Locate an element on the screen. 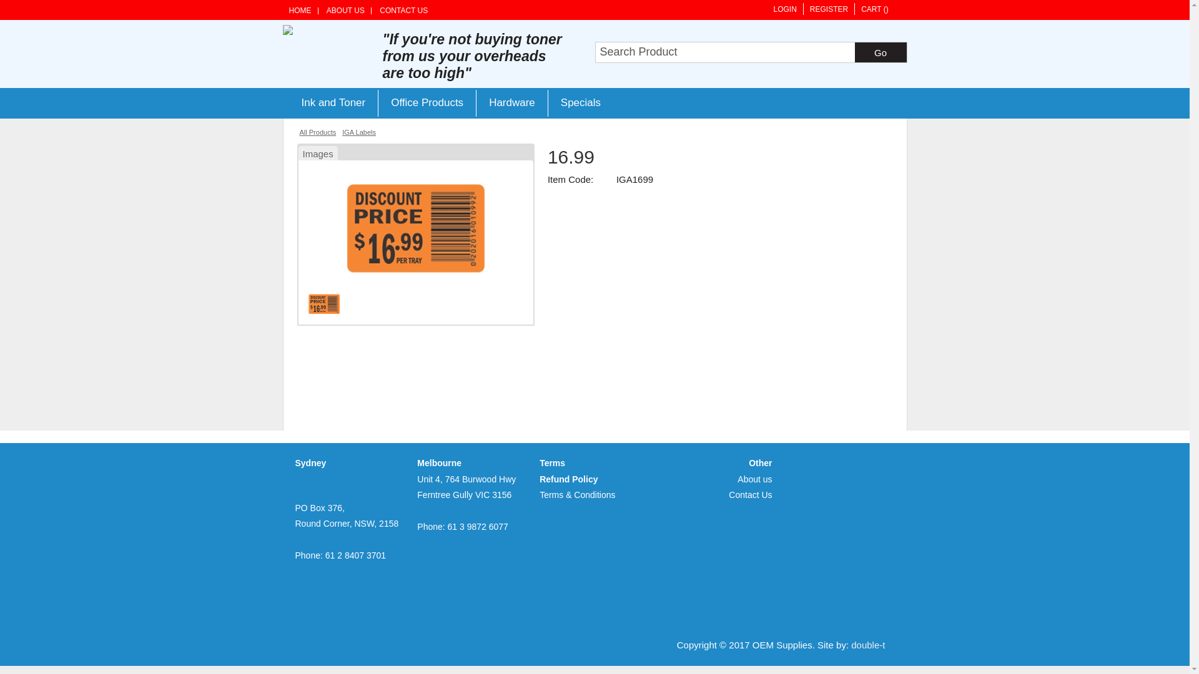 The height and width of the screenshot is (674, 1199). 'Contact Us' is located at coordinates (749, 494).